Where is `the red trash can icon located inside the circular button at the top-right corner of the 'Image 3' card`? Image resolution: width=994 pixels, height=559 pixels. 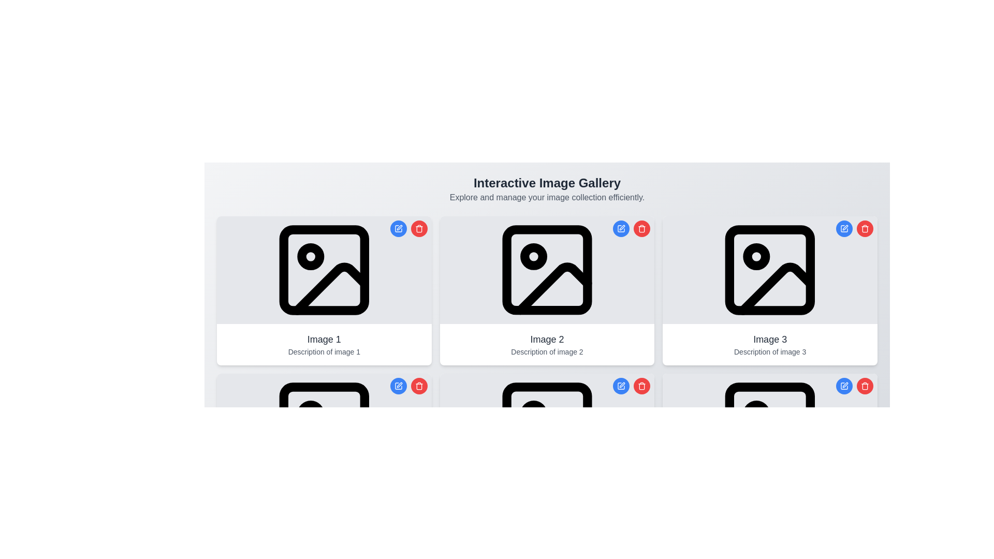 the red trash can icon located inside the circular button at the top-right corner of the 'Image 3' card is located at coordinates (865, 228).